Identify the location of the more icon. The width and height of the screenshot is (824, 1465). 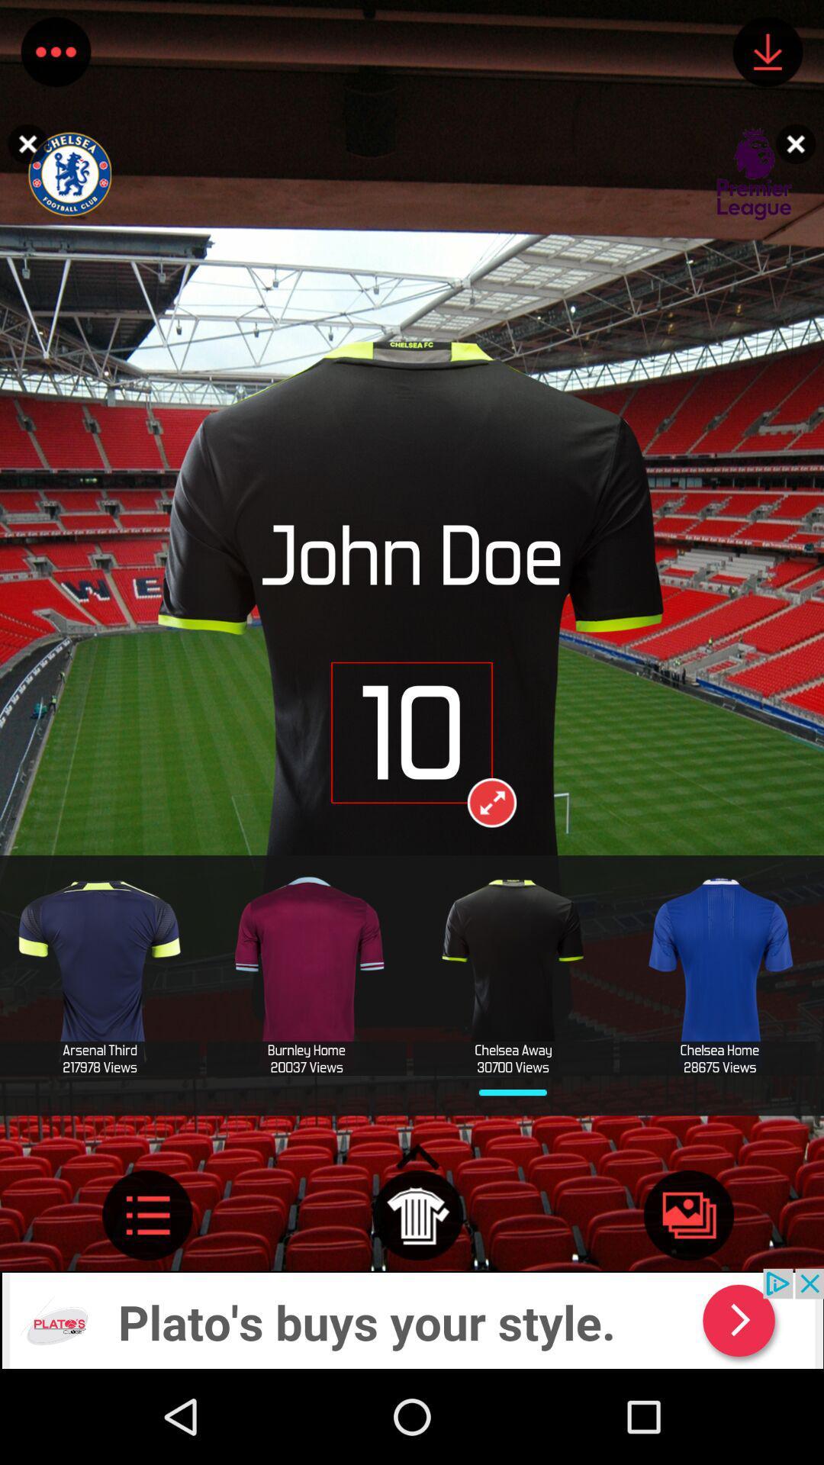
(147, 1299).